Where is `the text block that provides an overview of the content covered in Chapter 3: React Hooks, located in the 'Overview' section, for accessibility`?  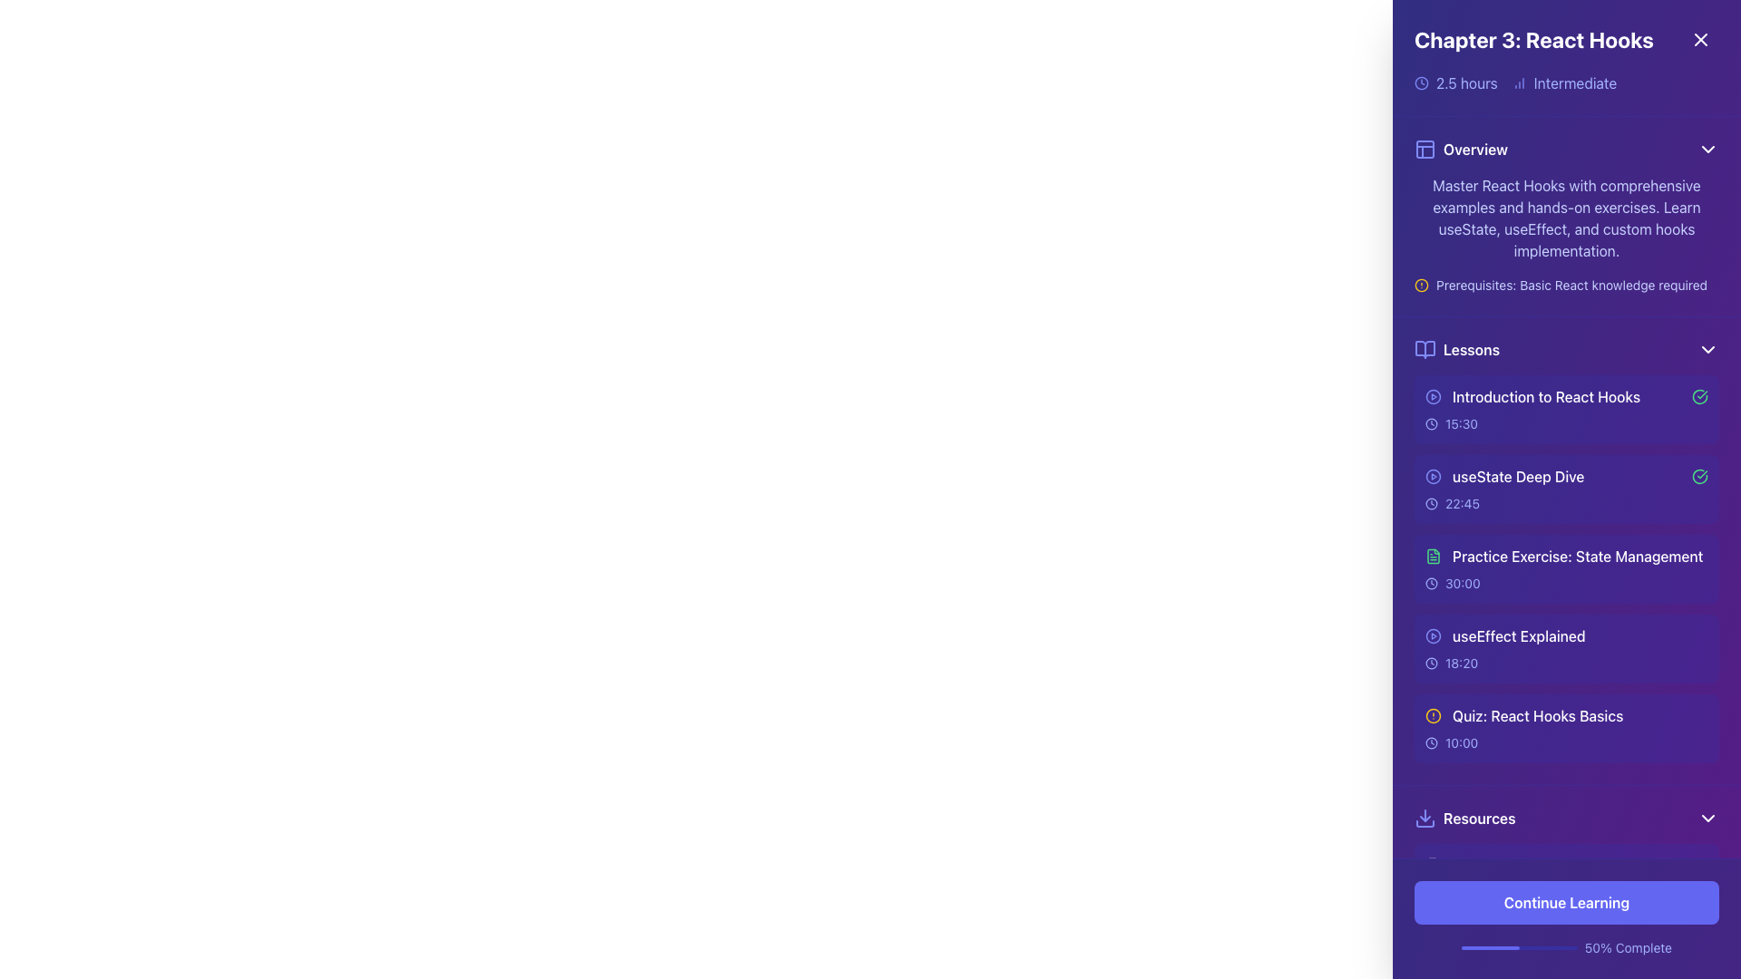 the text block that provides an overview of the content covered in Chapter 3: React Hooks, located in the 'Overview' section, for accessibility is located at coordinates (1566, 217).